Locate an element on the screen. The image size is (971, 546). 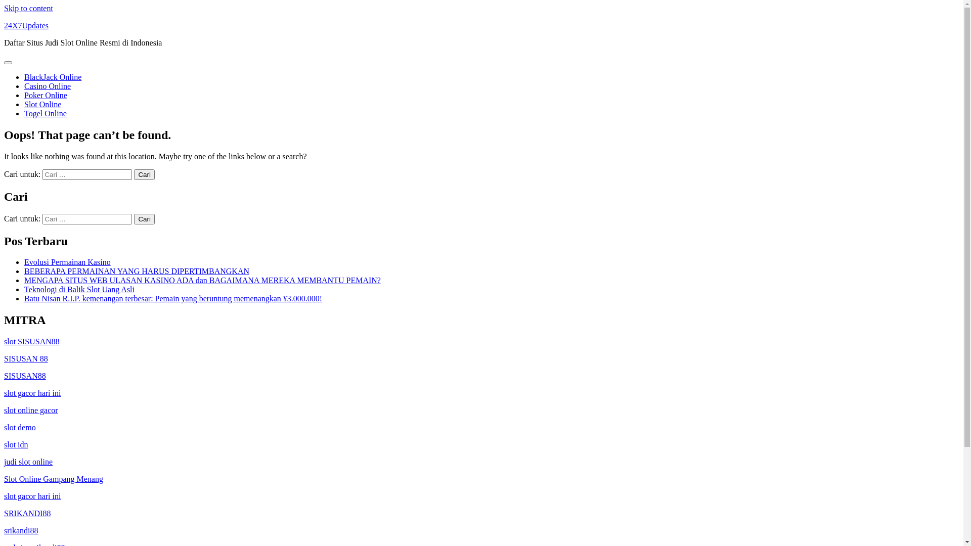
'Evolusi Permainan Kasino' is located at coordinates (67, 261).